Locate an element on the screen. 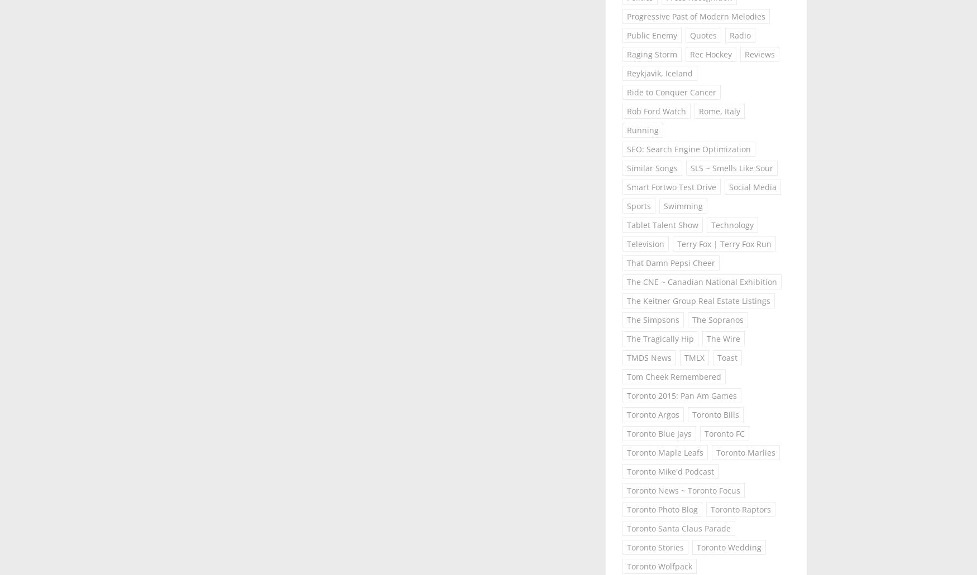  'Rec Hockey' is located at coordinates (710, 54).